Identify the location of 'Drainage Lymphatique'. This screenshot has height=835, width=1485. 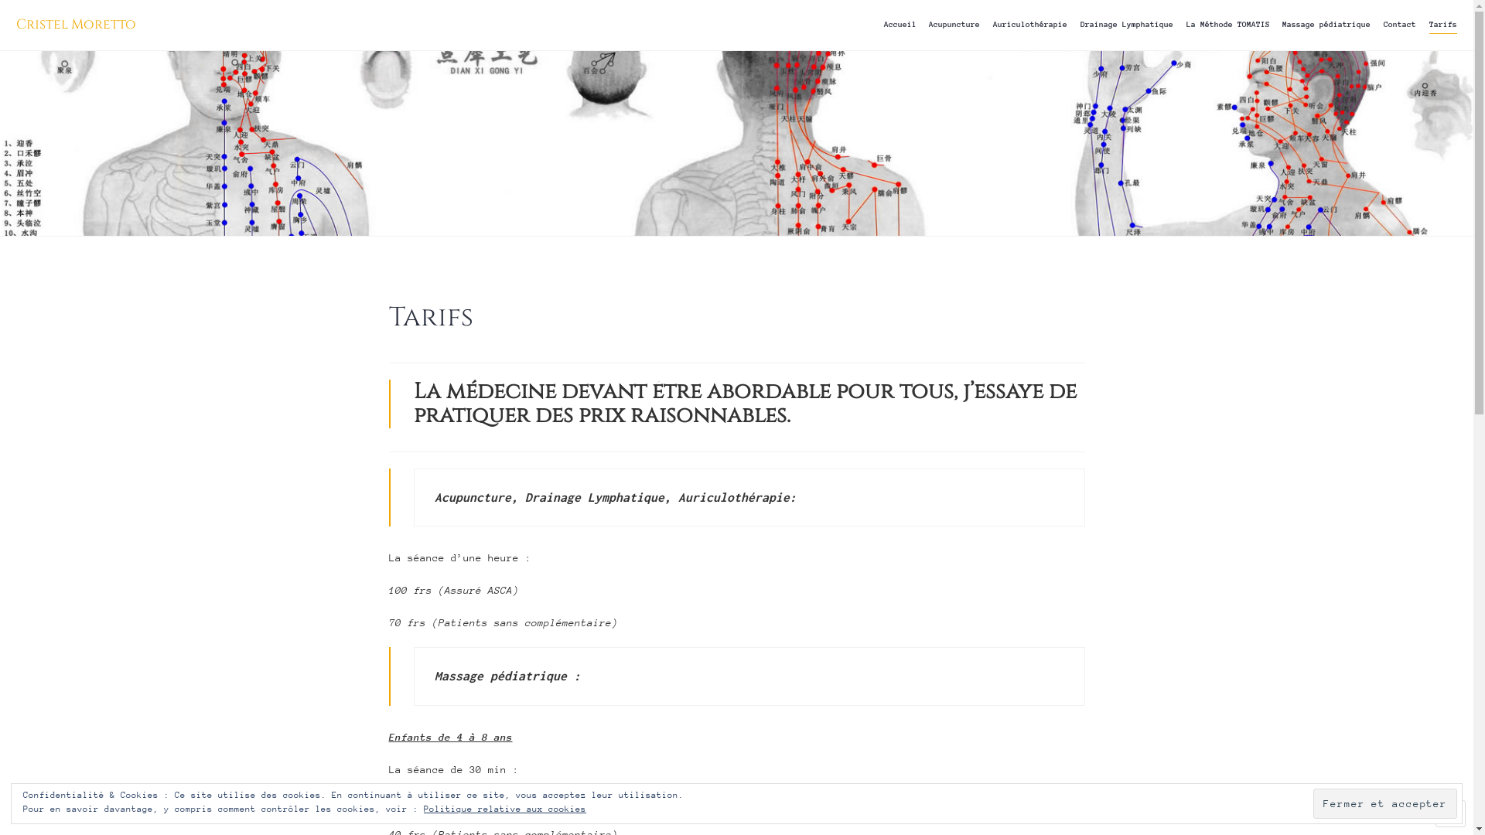
(1127, 25).